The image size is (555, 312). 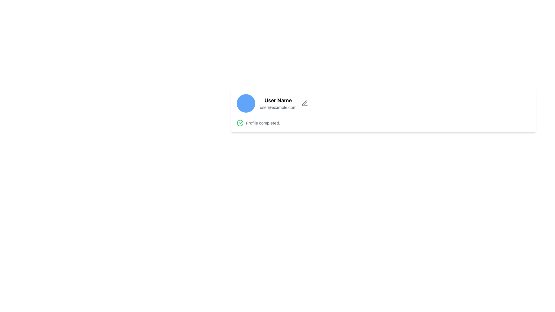 What do you see at coordinates (240, 122) in the screenshot?
I see `the green circular icon with a check mark inside, which indicates a successful or completed state, located to the left of the text 'Profile completed.'` at bounding box center [240, 122].